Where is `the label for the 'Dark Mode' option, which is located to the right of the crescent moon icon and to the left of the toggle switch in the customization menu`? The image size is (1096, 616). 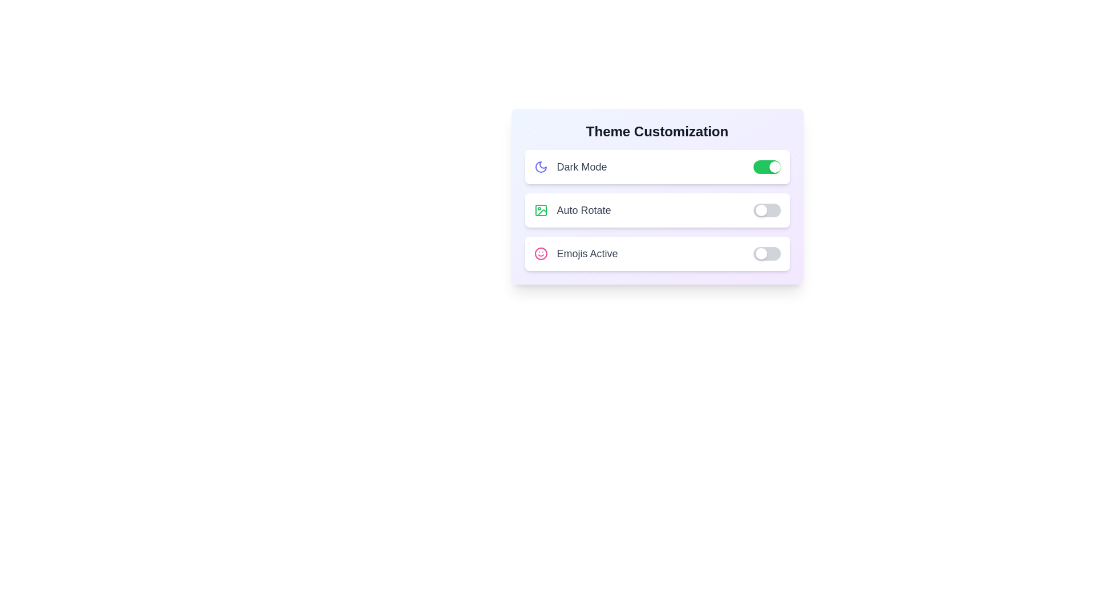
the label for the 'Dark Mode' option, which is located to the right of the crescent moon icon and to the left of the toggle switch in the customization menu is located at coordinates (570, 167).